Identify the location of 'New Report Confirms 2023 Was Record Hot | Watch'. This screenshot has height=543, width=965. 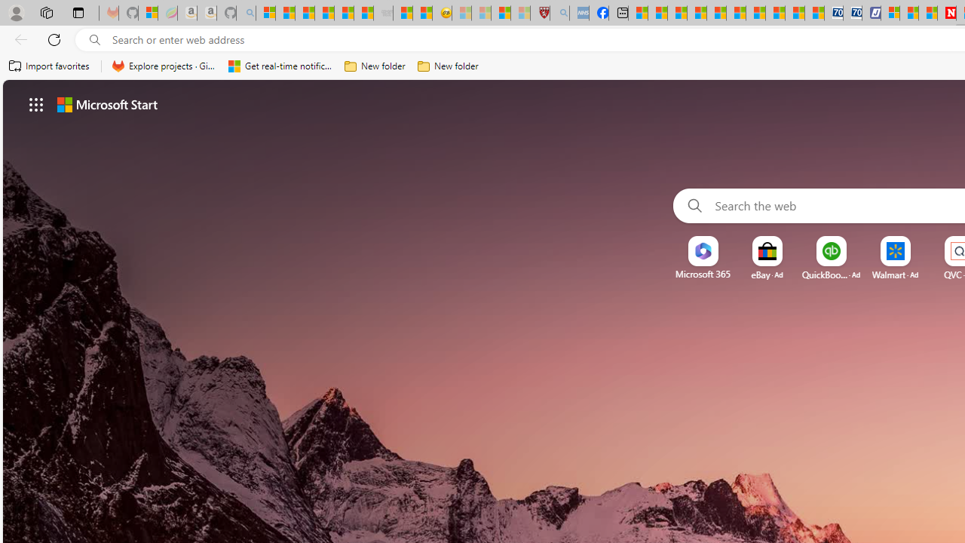
(343, 13).